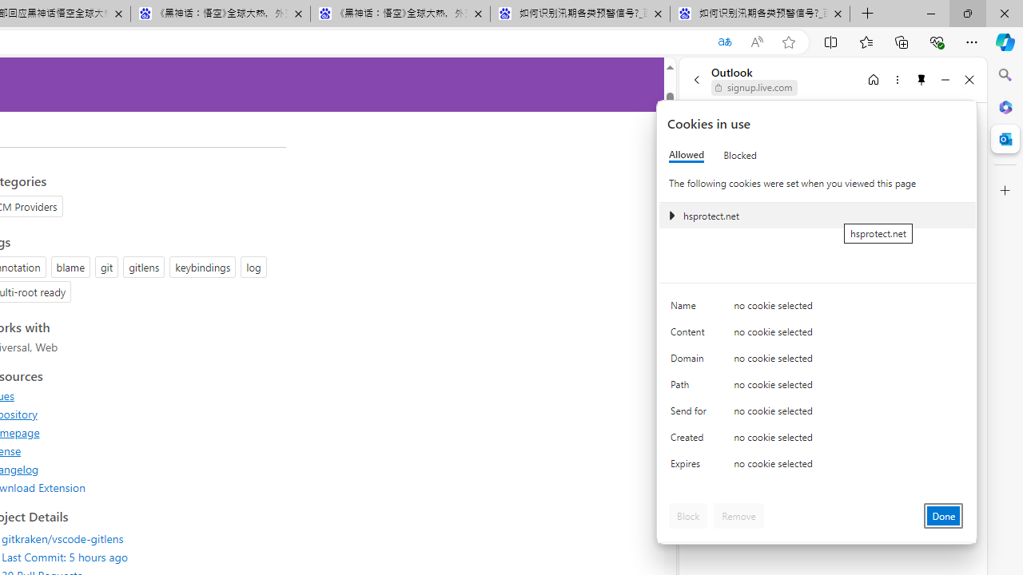 The height and width of the screenshot is (575, 1023). Describe the element at coordinates (691, 388) in the screenshot. I see `'Path'` at that location.